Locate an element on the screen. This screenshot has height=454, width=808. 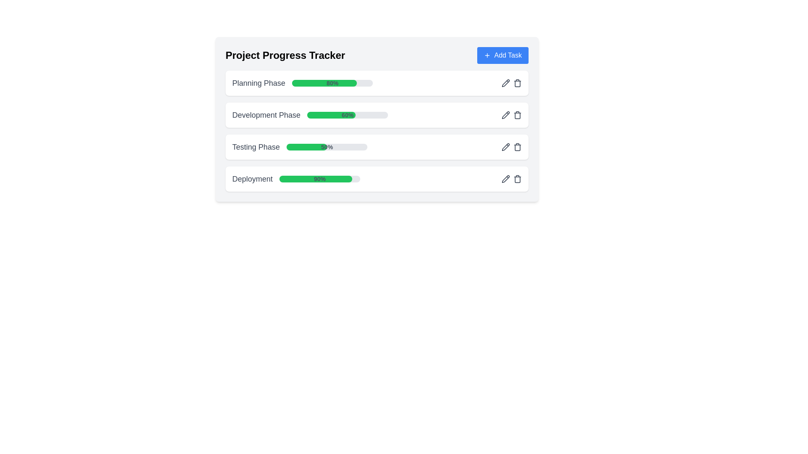
the controls adjacent to the 'Development Phase' progress bar in the project tracker application, which is the second progress display under 'Project Progress Tracker' is located at coordinates (377, 119).